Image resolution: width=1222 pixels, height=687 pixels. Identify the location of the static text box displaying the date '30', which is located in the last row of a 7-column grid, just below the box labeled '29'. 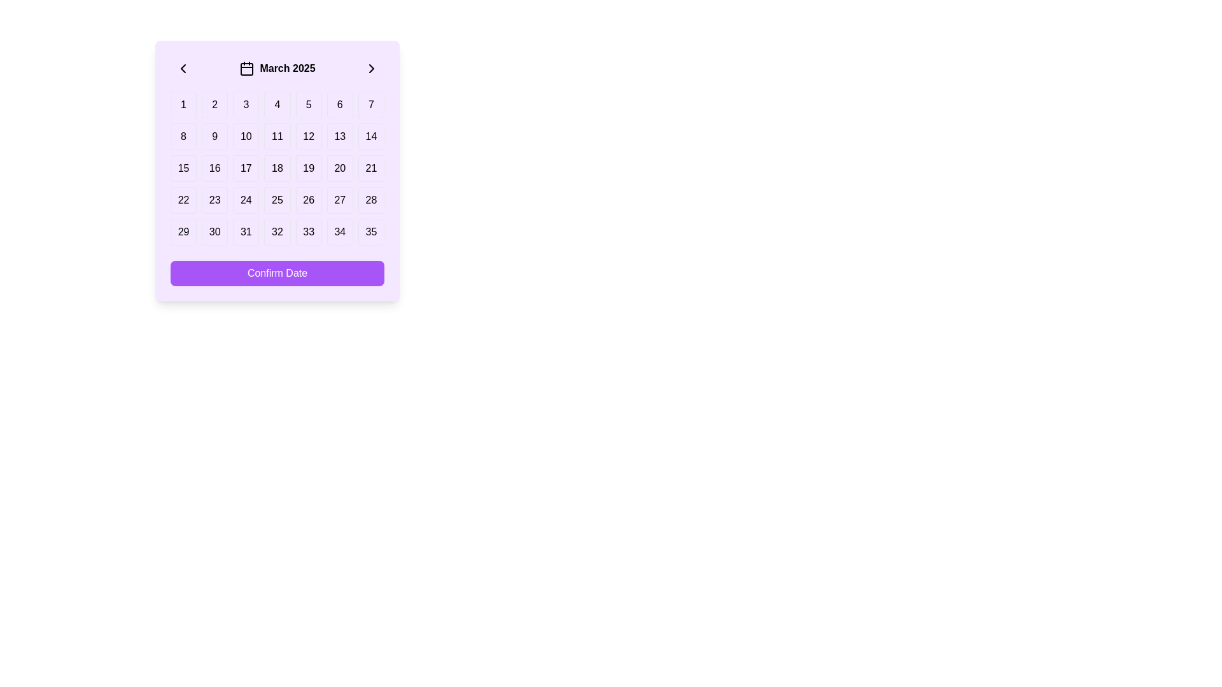
(214, 232).